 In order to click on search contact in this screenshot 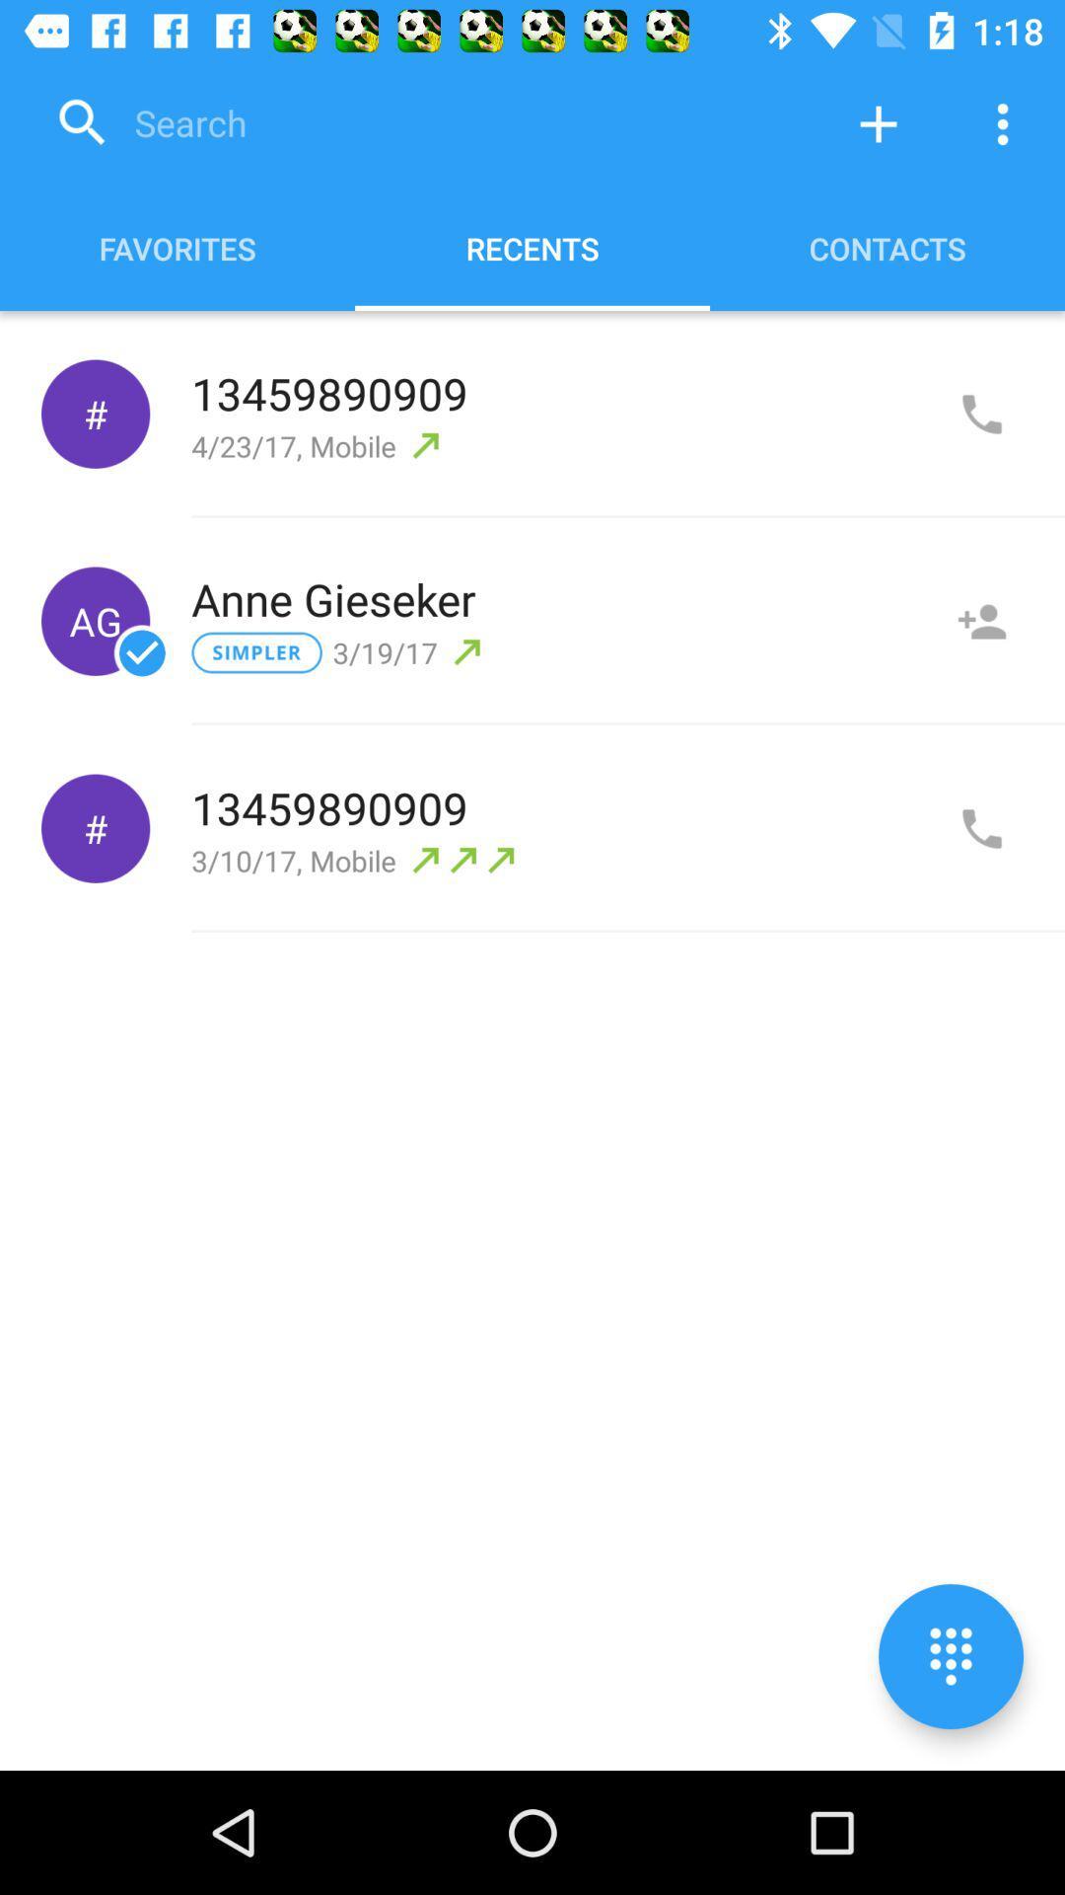, I will do `click(428, 122)`.